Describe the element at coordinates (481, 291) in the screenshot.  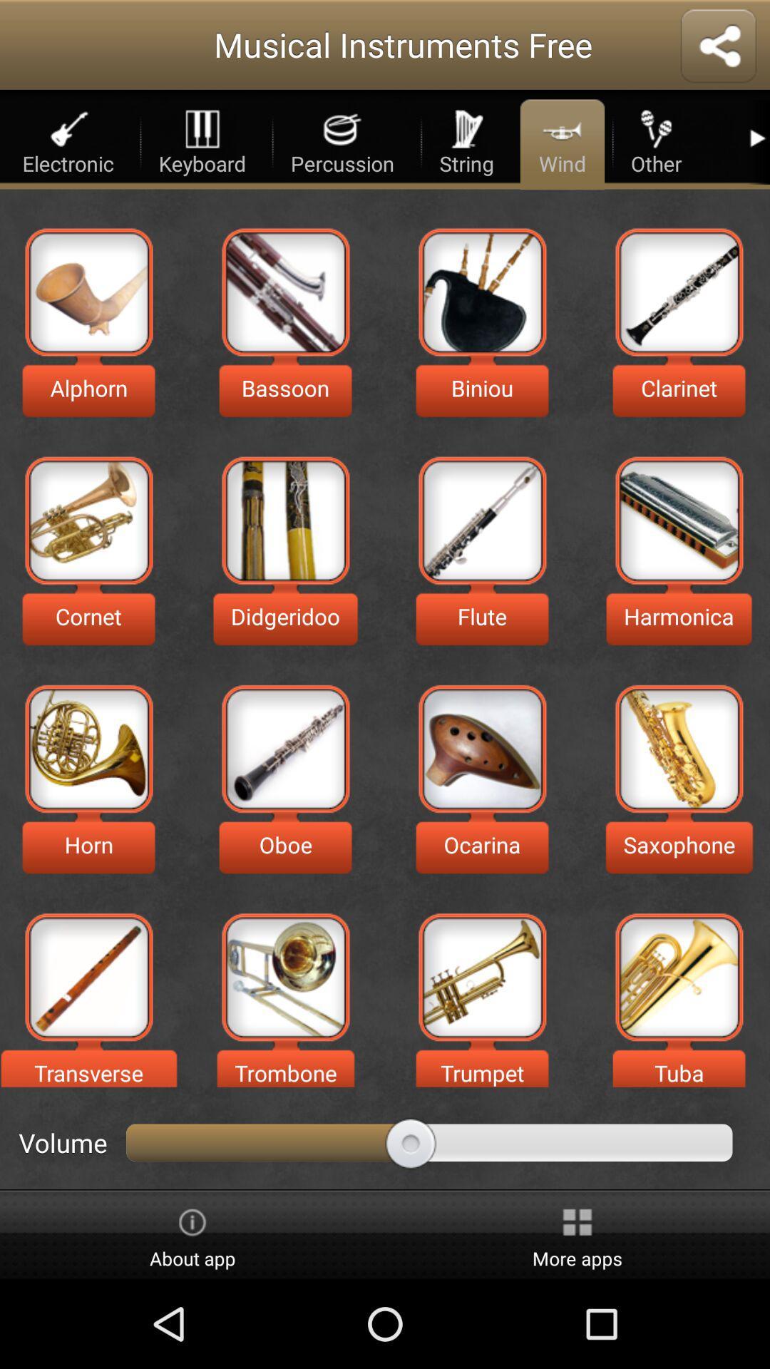
I see `the biniou instrument` at that location.